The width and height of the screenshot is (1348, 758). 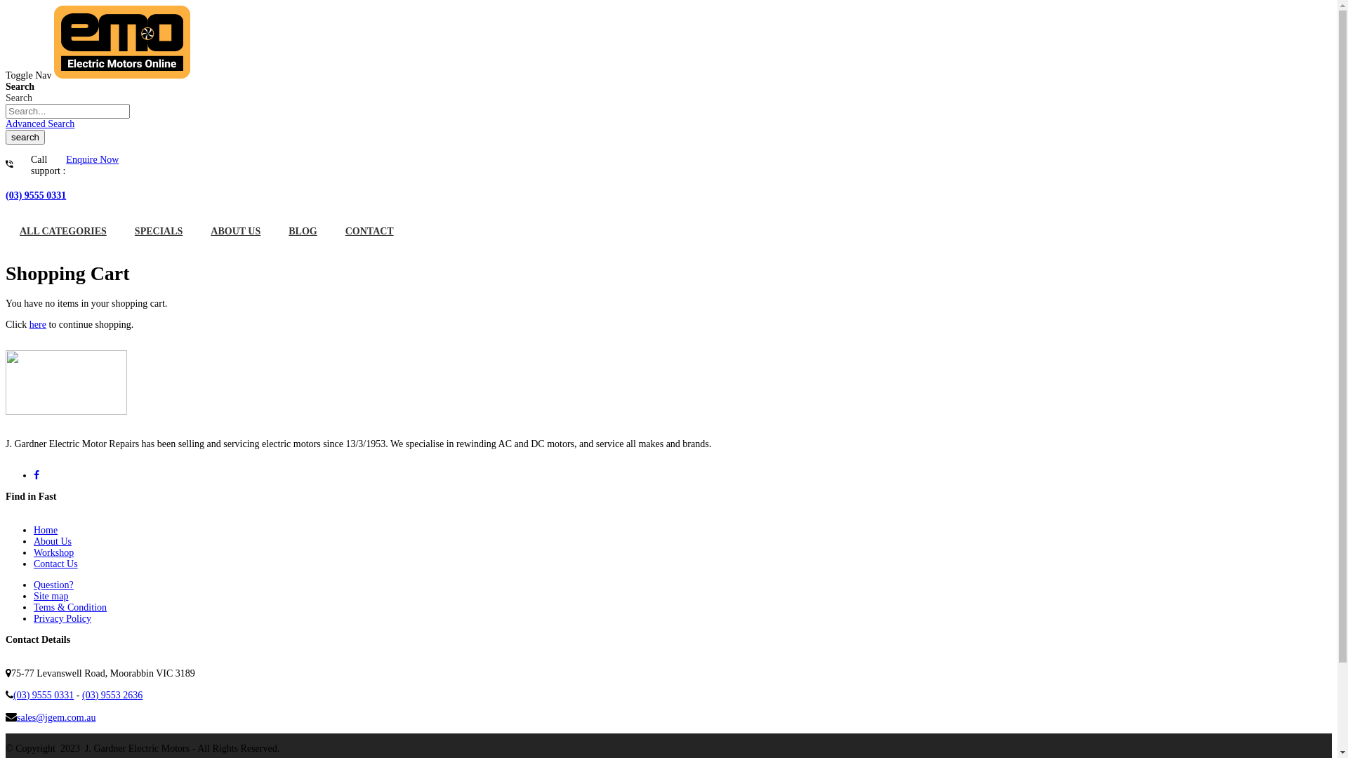 What do you see at coordinates (37, 324) in the screenshot?
I see `'here'` at bounding box center [37, 324].